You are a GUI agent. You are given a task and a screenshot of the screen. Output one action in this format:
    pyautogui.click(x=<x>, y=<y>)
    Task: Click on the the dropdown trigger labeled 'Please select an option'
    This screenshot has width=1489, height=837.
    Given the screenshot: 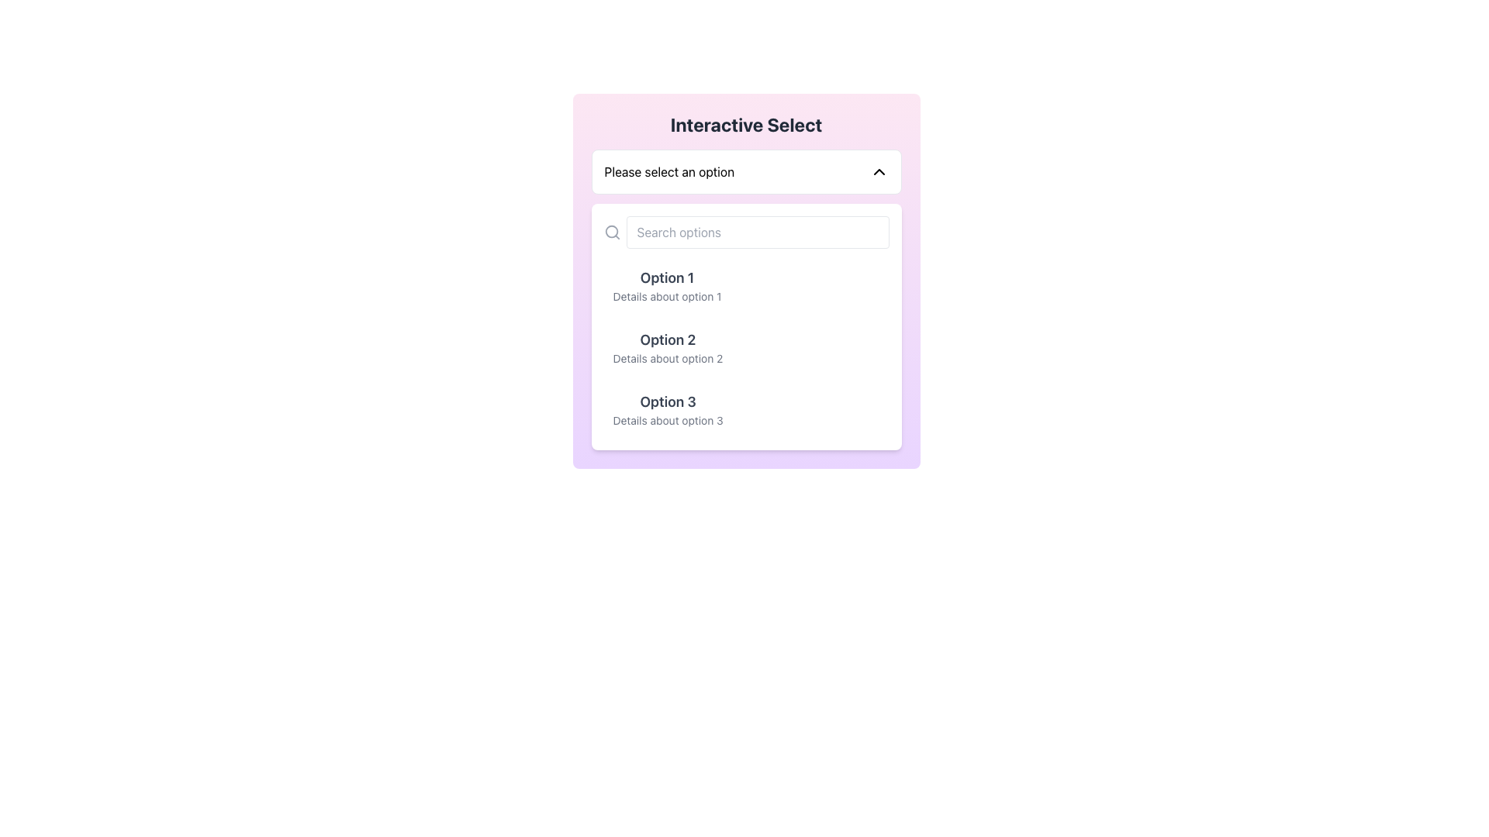 What is the action you would take?
    pyautogui.click(x=746, y=172)
    